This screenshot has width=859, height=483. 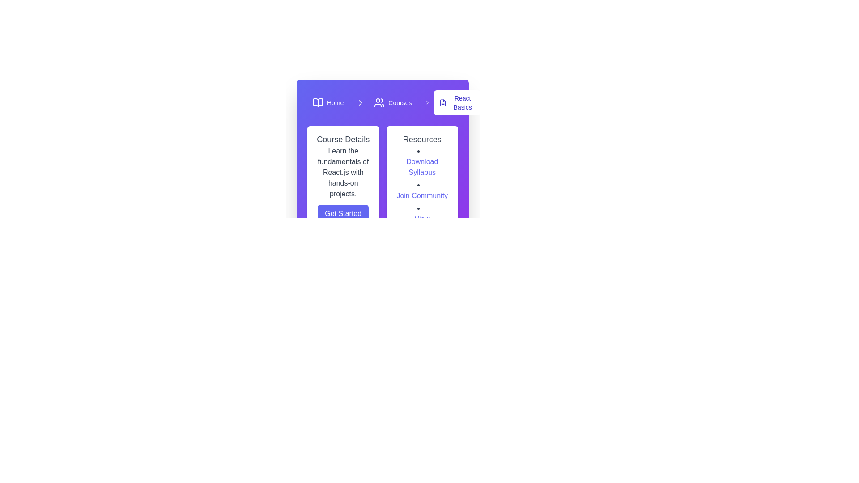 I want to click on the 'Home' text label displayed in white on a purple background, located in the top-left section of the navigation bar, so click(x=335, y=102).